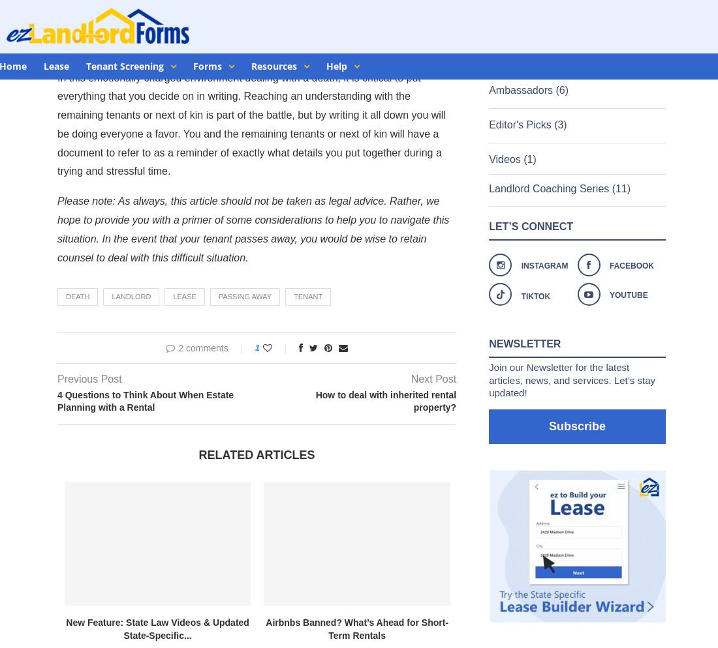  What do you see at coordinates (634, 372) in the screenshot?
I see `'Terms of Use'` at bounding box center [634, 372].